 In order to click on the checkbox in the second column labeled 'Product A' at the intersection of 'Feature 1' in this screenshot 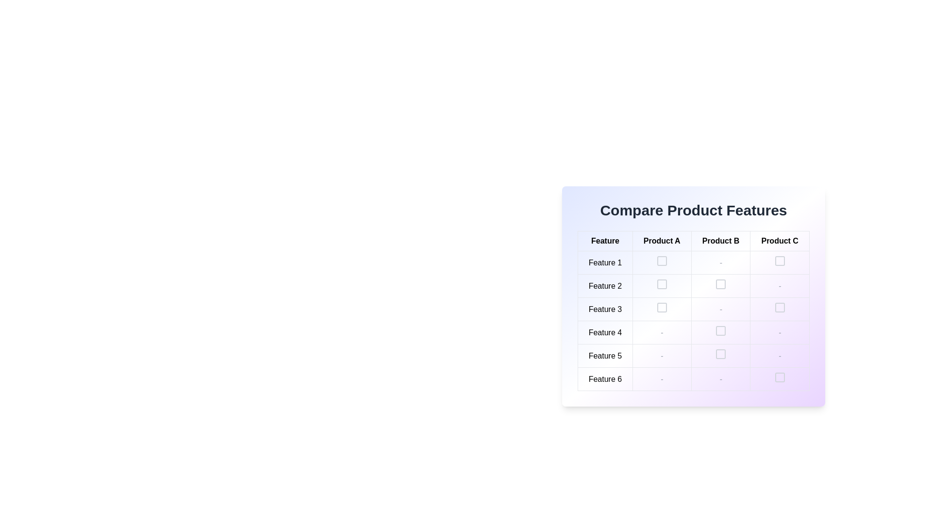, I will do `click(661, 262)`.